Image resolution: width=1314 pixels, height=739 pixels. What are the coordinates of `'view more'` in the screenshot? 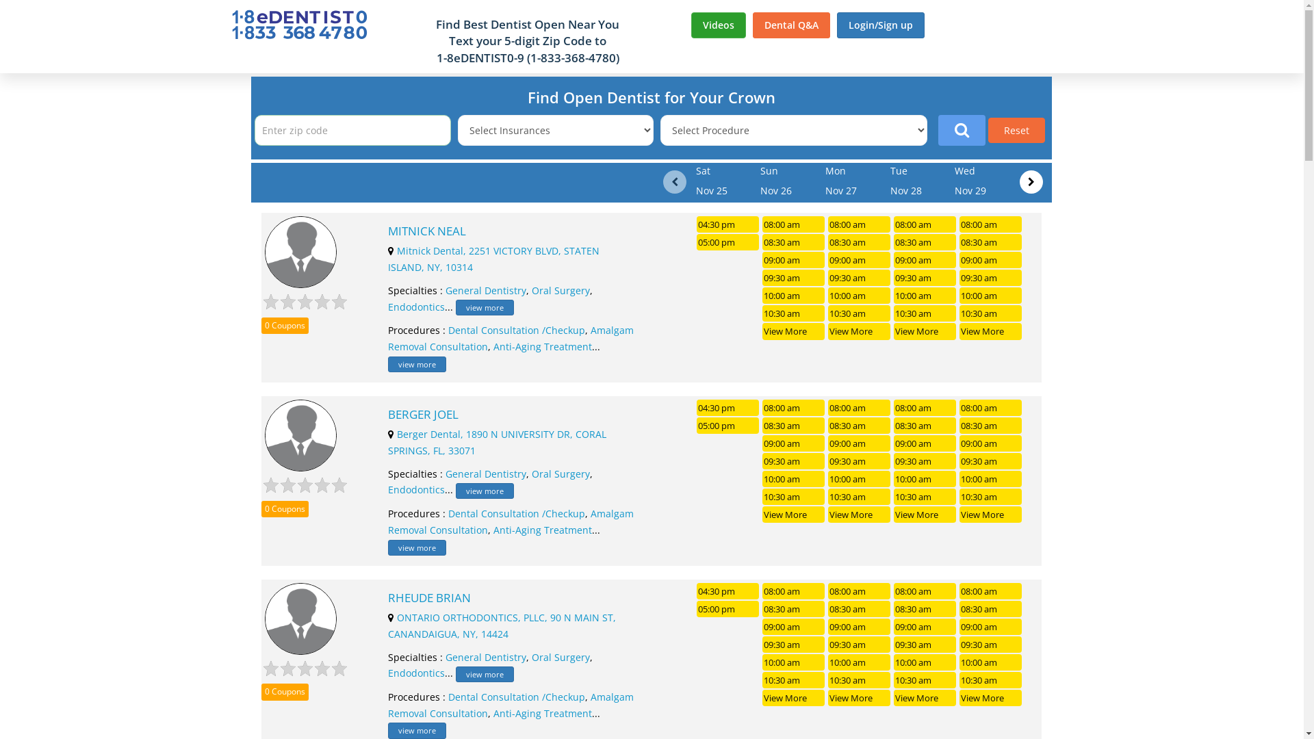 It's located at (485, 307).